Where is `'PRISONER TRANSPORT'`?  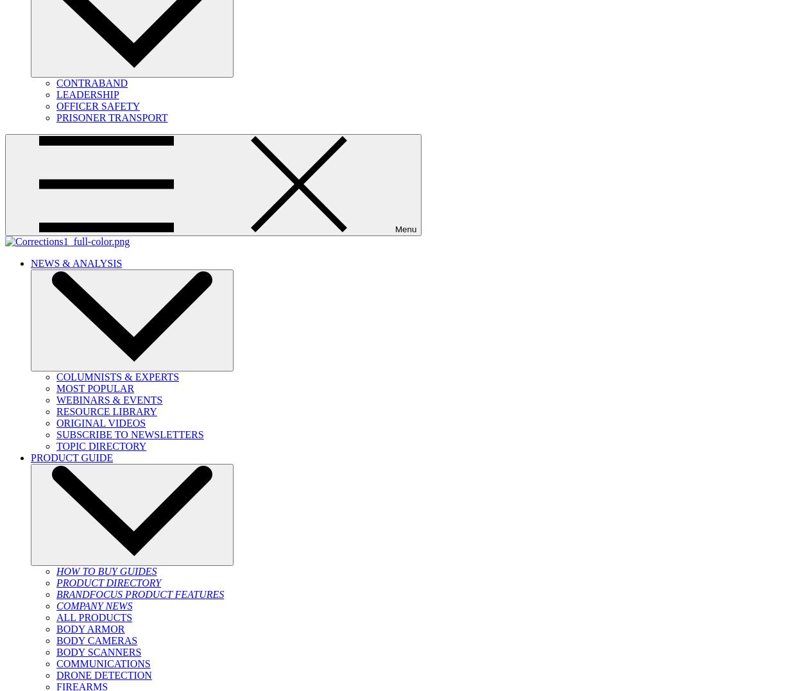 'PRISONER TRANSPORT' is located at coordinates (112, 117).